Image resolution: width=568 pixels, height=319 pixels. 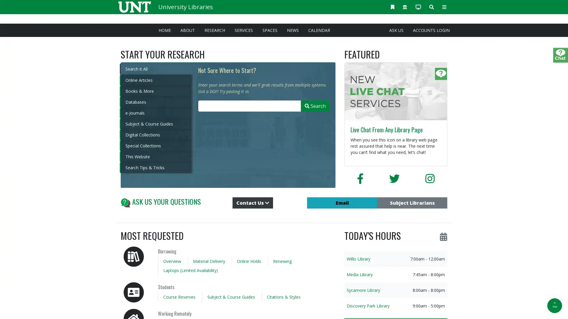 What do you see at coordinates (418, 7) in the screenshot?
I see `Open Dialog: Libraries - Lending and Technology` at bounding box center [418, 7].